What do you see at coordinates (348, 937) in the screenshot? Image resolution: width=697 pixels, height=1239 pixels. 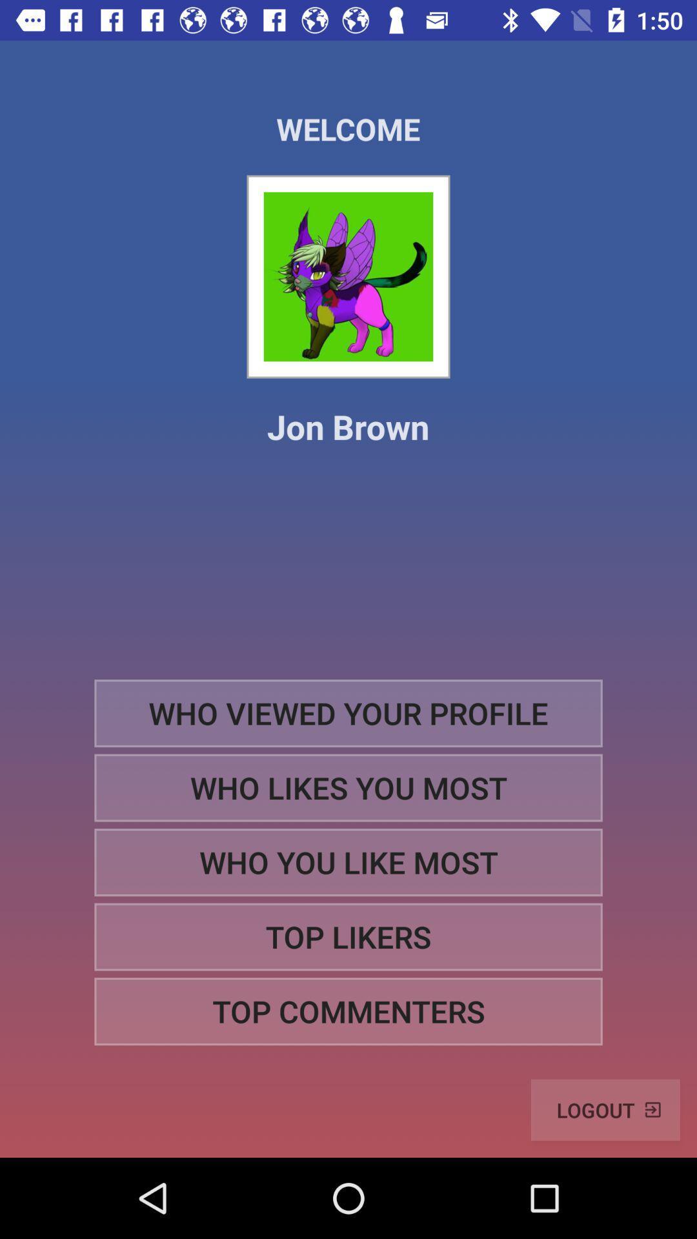 I see `the item below the who you like item` at bounding box center [348, 937].